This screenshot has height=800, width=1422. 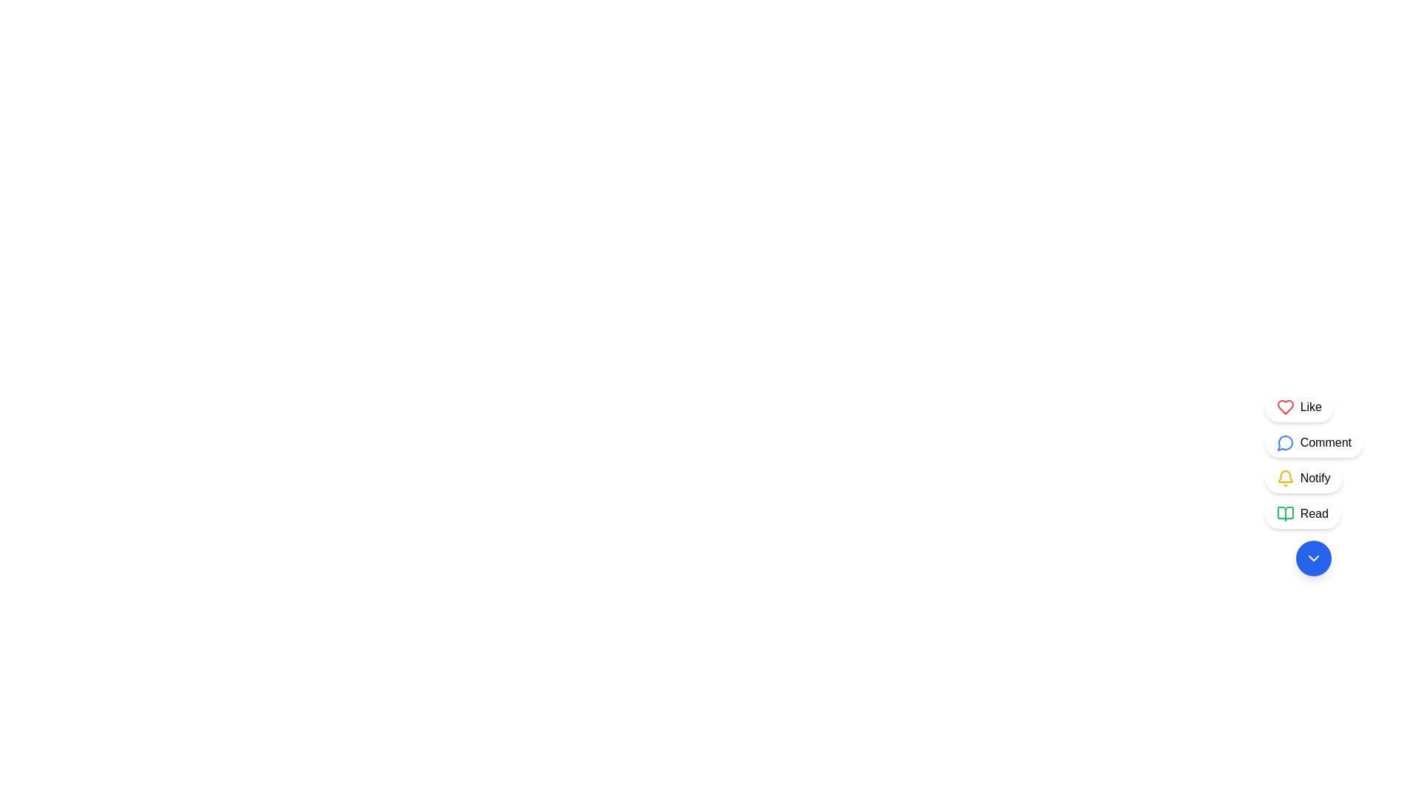 I want to click on the notification icon located in the third option labeled 'Notify', so click(x=1284, y=478).